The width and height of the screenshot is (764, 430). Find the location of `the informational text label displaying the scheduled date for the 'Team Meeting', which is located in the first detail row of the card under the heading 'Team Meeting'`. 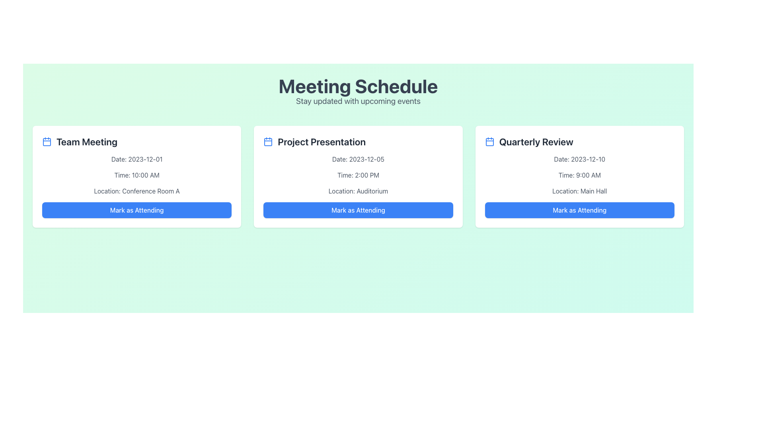

the informational text label displaying the scheduled date for the 'Team Meeting', which is located in the first detail row of the card under the heading 'Team Meeting' is located at coordinates (137, 159).